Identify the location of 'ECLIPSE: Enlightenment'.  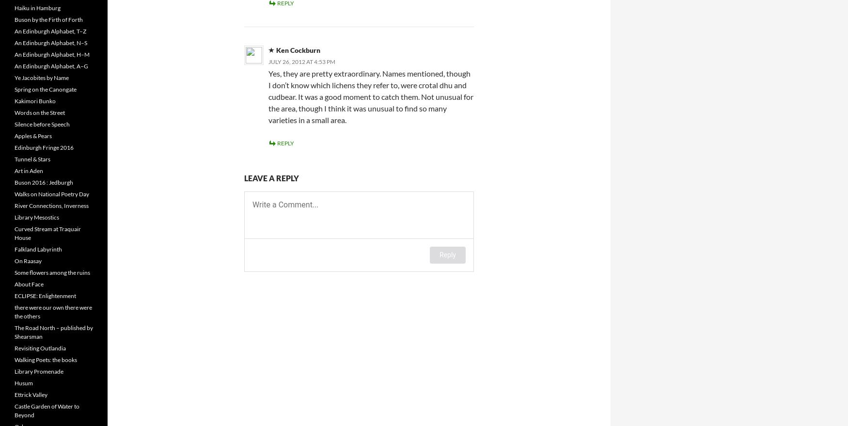
(45, 296).